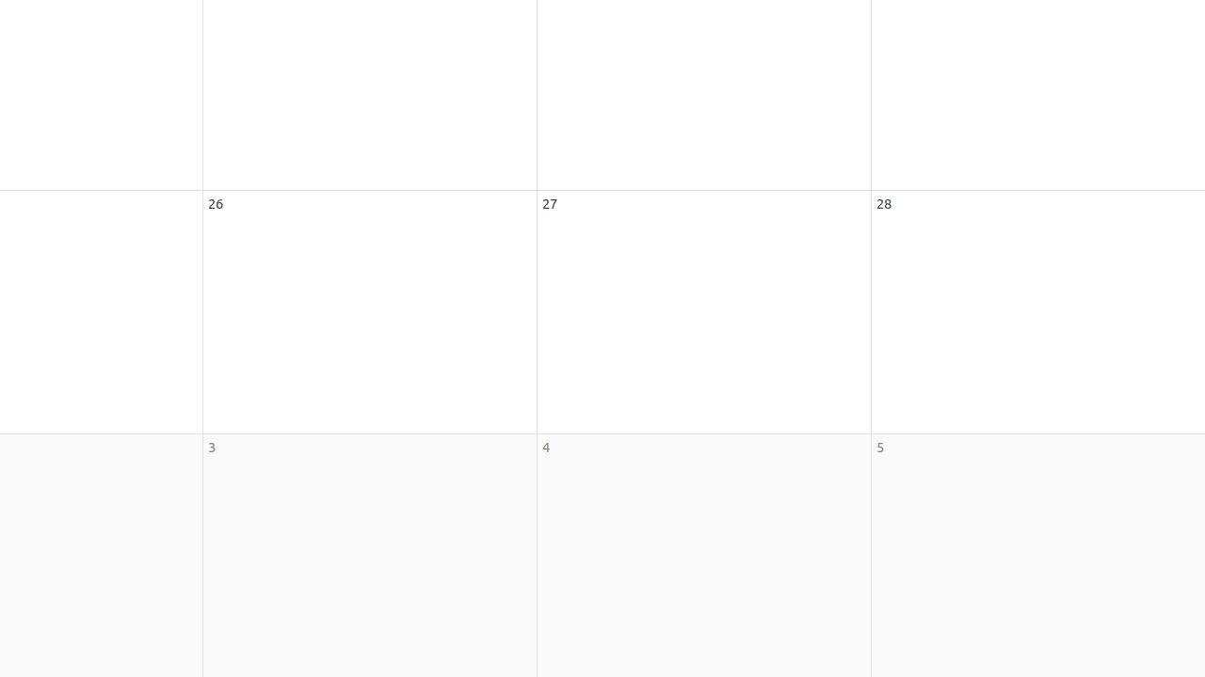  Describe the element at coordinates (544, 447) in the screenshot. I see `'4'` at that location.